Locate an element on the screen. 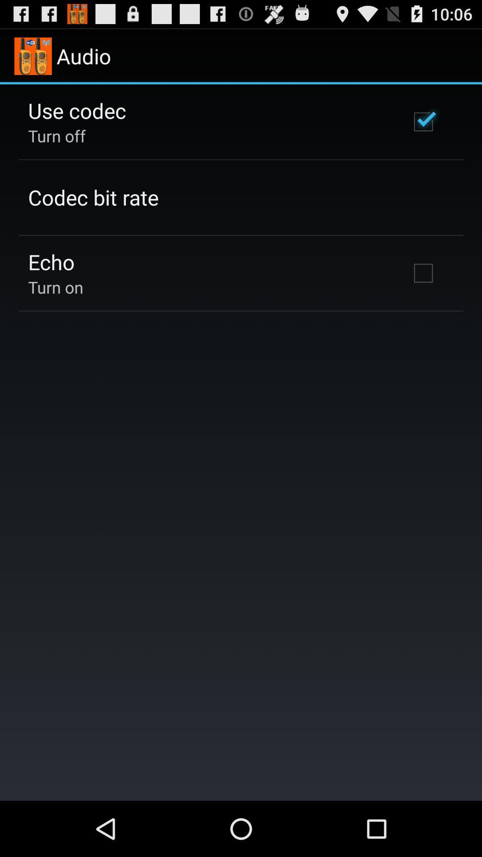 The image size is (482, 857). the item above echo is located at coordinates (93, 197).